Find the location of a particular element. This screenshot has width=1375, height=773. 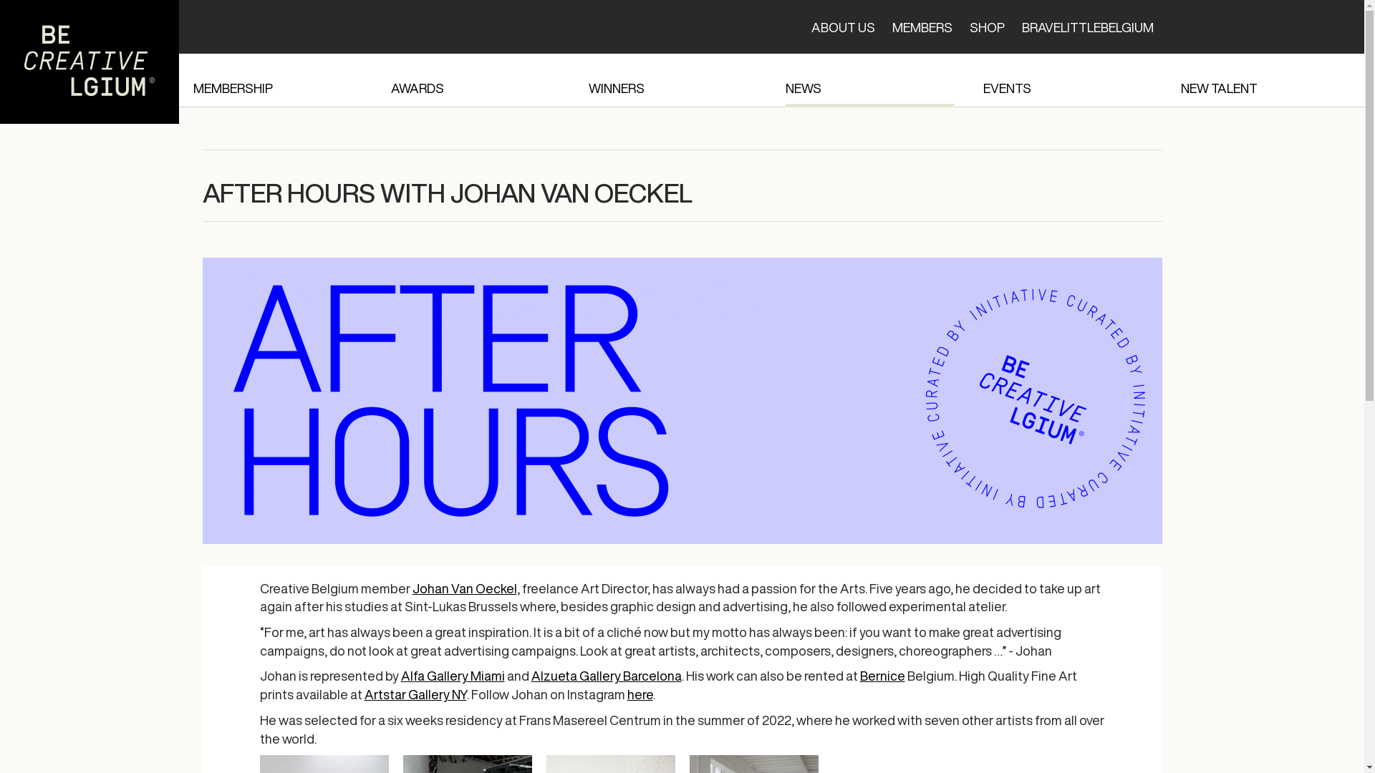

'ABOUT US' is located at coordinates (842, 26).